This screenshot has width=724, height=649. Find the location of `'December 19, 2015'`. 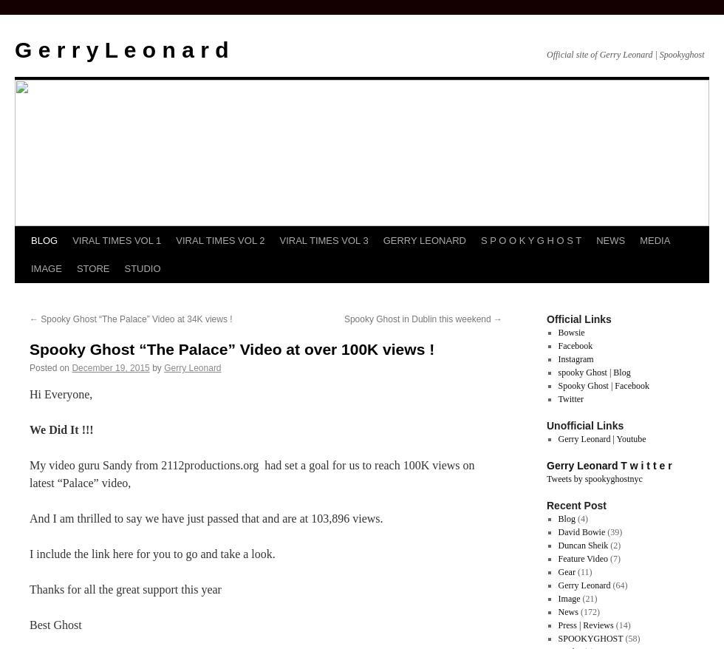

'December 19, 2015' is located at coordinates (110, 368).